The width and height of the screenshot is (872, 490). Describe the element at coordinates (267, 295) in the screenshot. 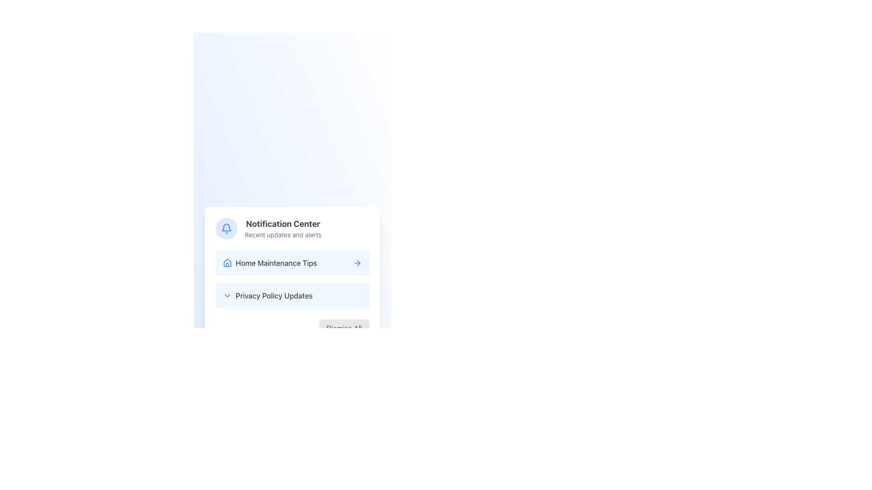

I see `the 'Privacy Policy Updates' clickable section header` at that location.